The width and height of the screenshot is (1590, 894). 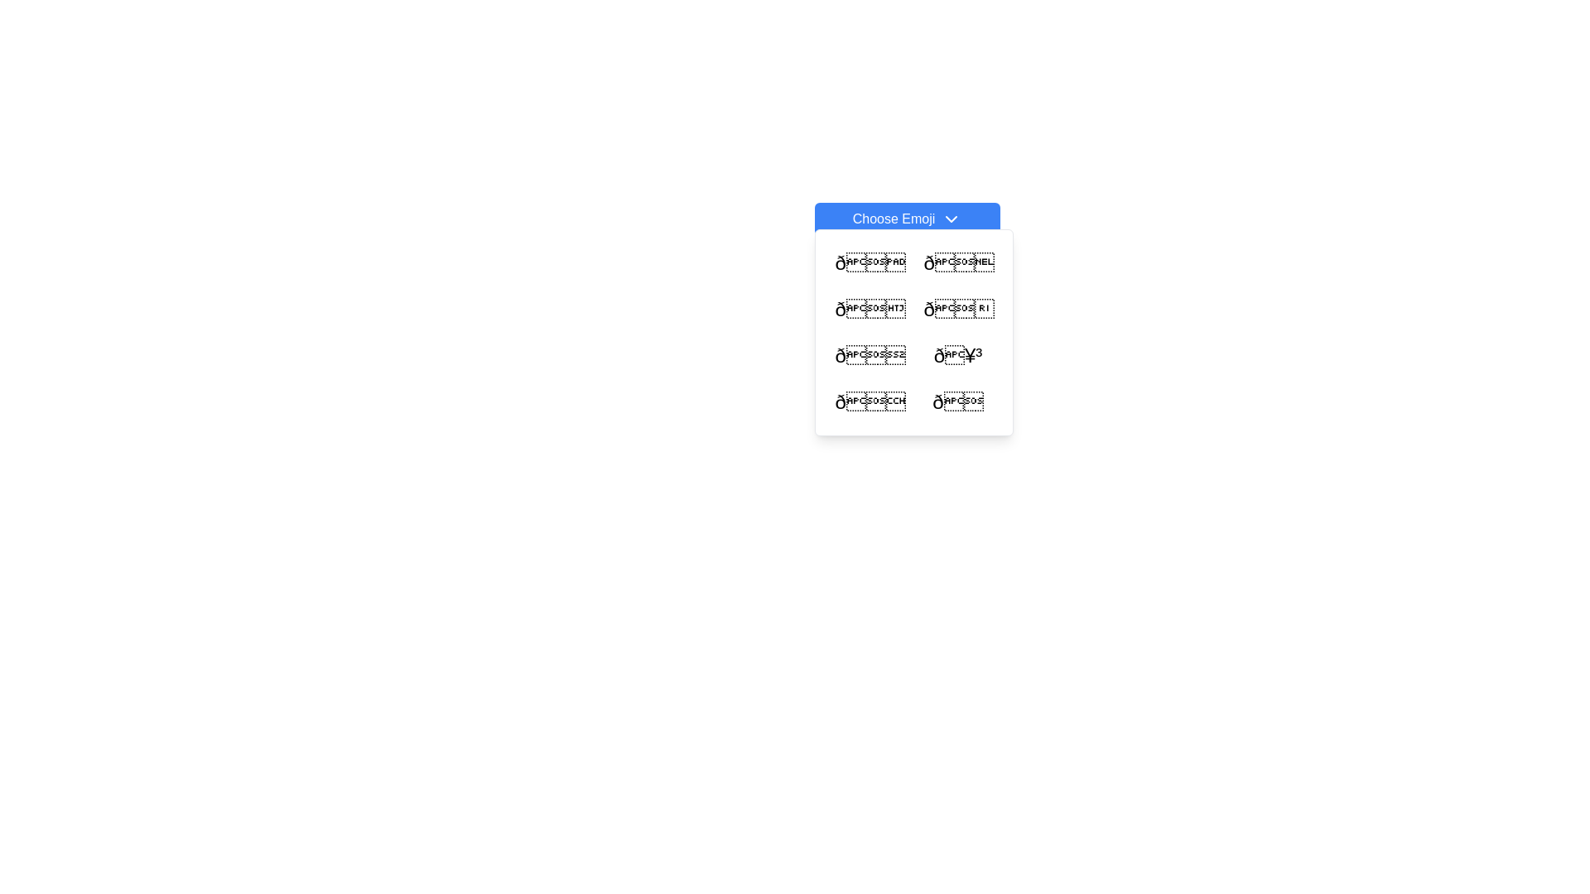 What do you see at coordinates (957, 402) in the screenshot?
I see `the crying face emoji located at the bottom-right corner of the emoji grid` at bounding box center [957, 402].